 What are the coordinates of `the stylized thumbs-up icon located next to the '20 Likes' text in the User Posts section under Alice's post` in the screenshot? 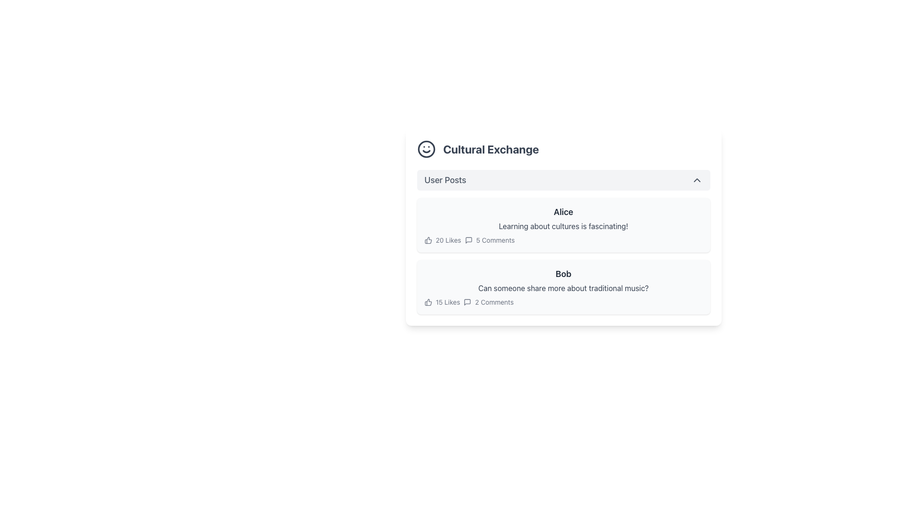 It's located at (428, 240).